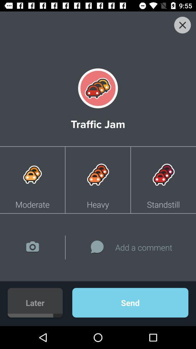 Image resolution: width=196 pixels, height=349 pixels. What do you see at coordinates (182, 25) in the screenshot?
I see `the close icon` at bounding box center [182, 25].